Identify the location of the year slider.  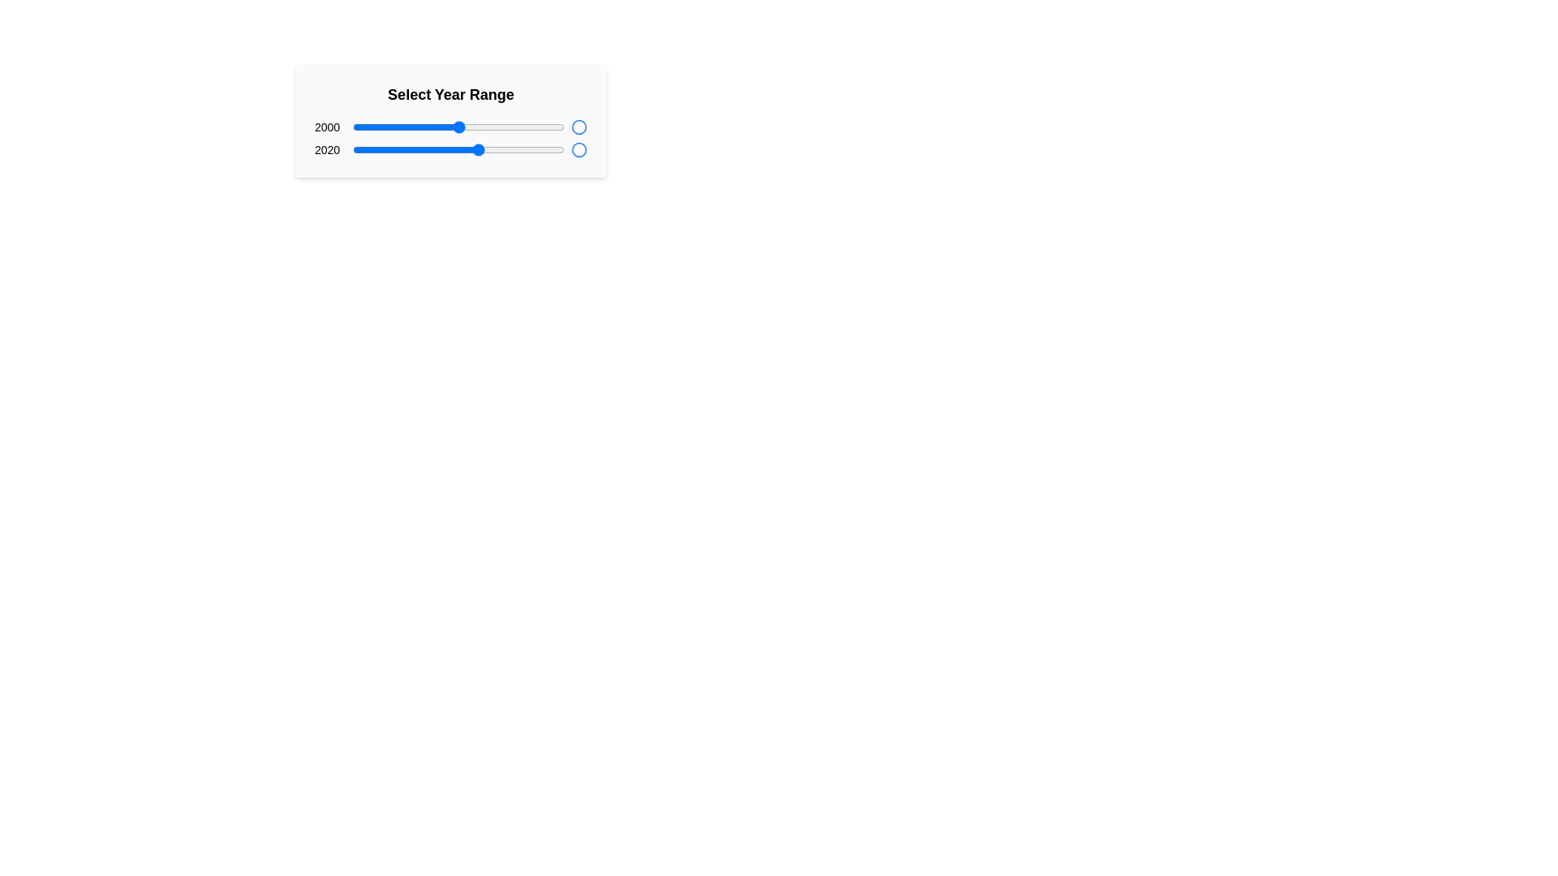
(529, 150).